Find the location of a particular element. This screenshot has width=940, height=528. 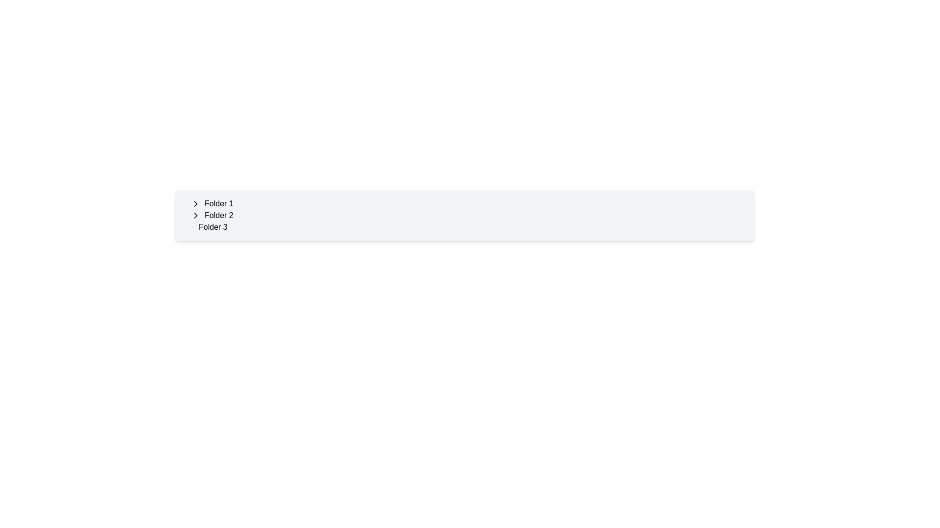

the right-facing chevron icon located to the left of the text 'Folder 1' is located at coordinates (195, 203).